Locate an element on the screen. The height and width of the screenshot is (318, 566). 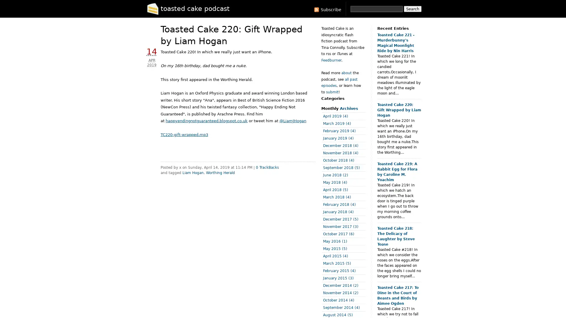
Search is located at coordinates (412, 9).